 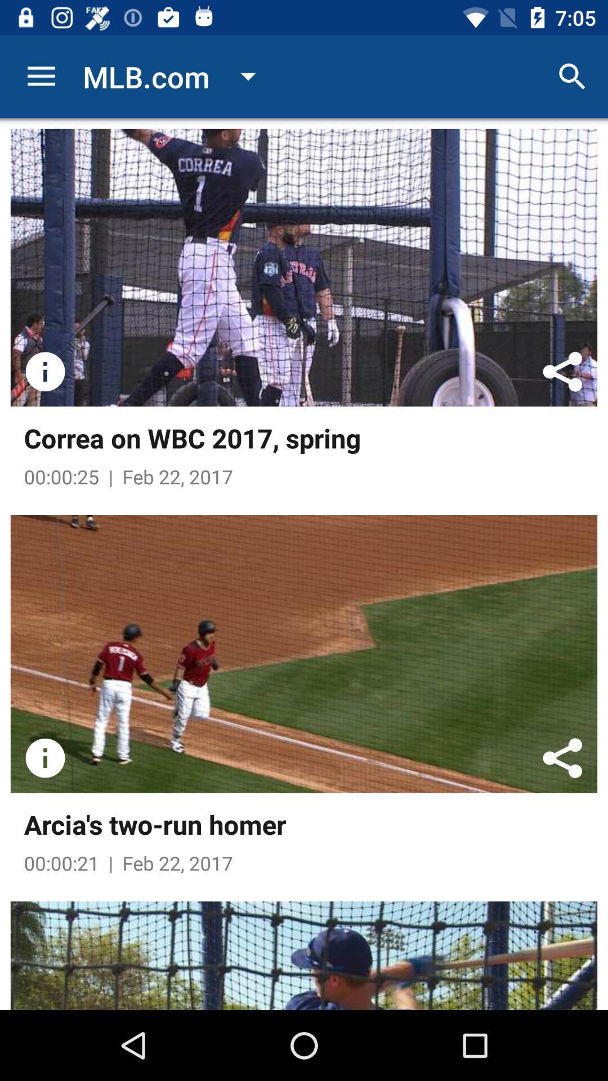 I want to click on share the video, so click(x=562, y=372).